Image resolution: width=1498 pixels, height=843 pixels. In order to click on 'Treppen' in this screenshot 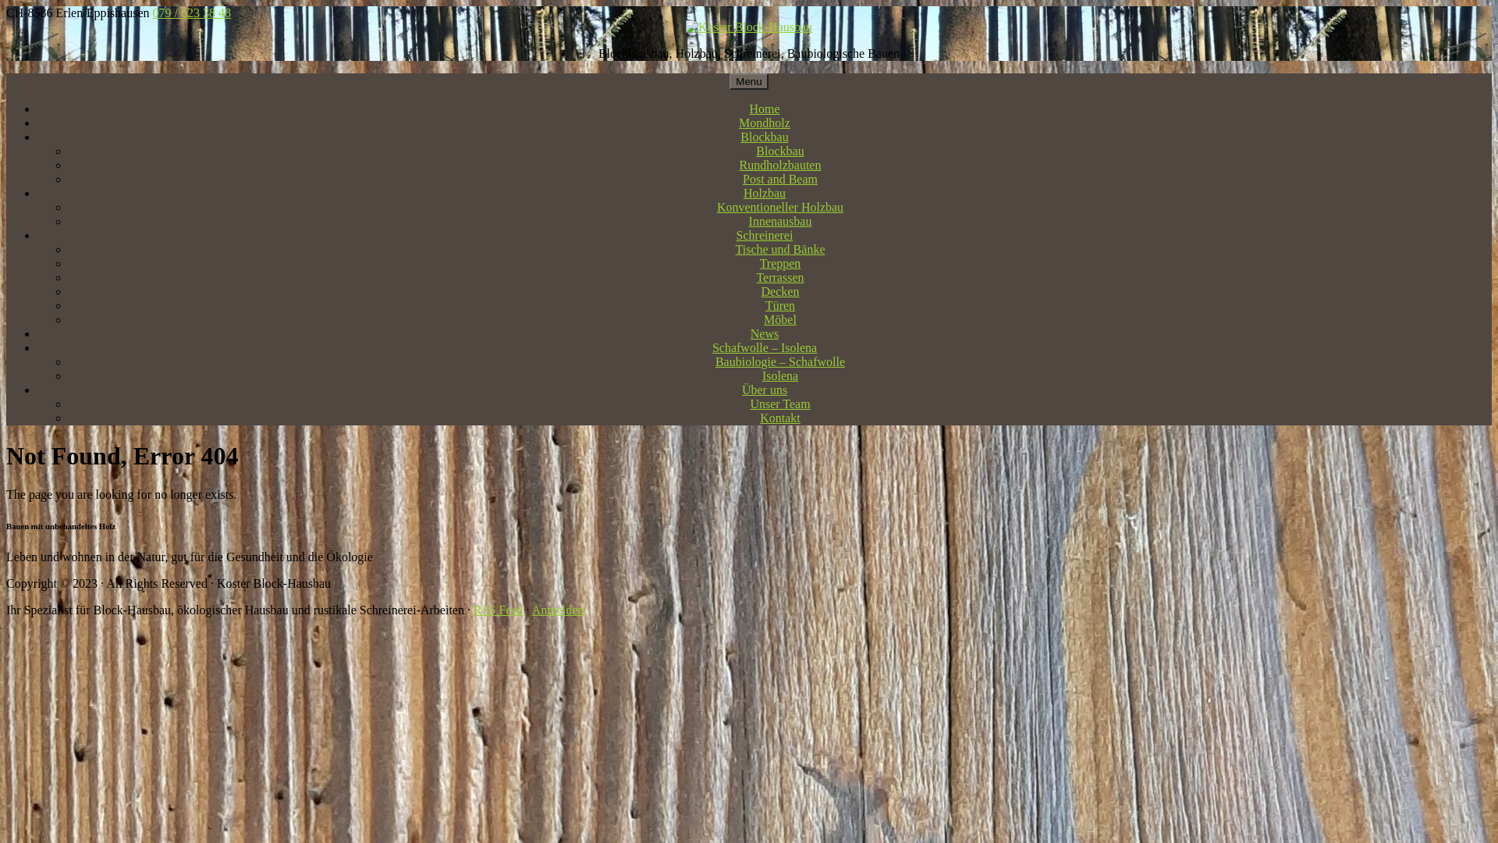, I will do `click(780, 262)`.